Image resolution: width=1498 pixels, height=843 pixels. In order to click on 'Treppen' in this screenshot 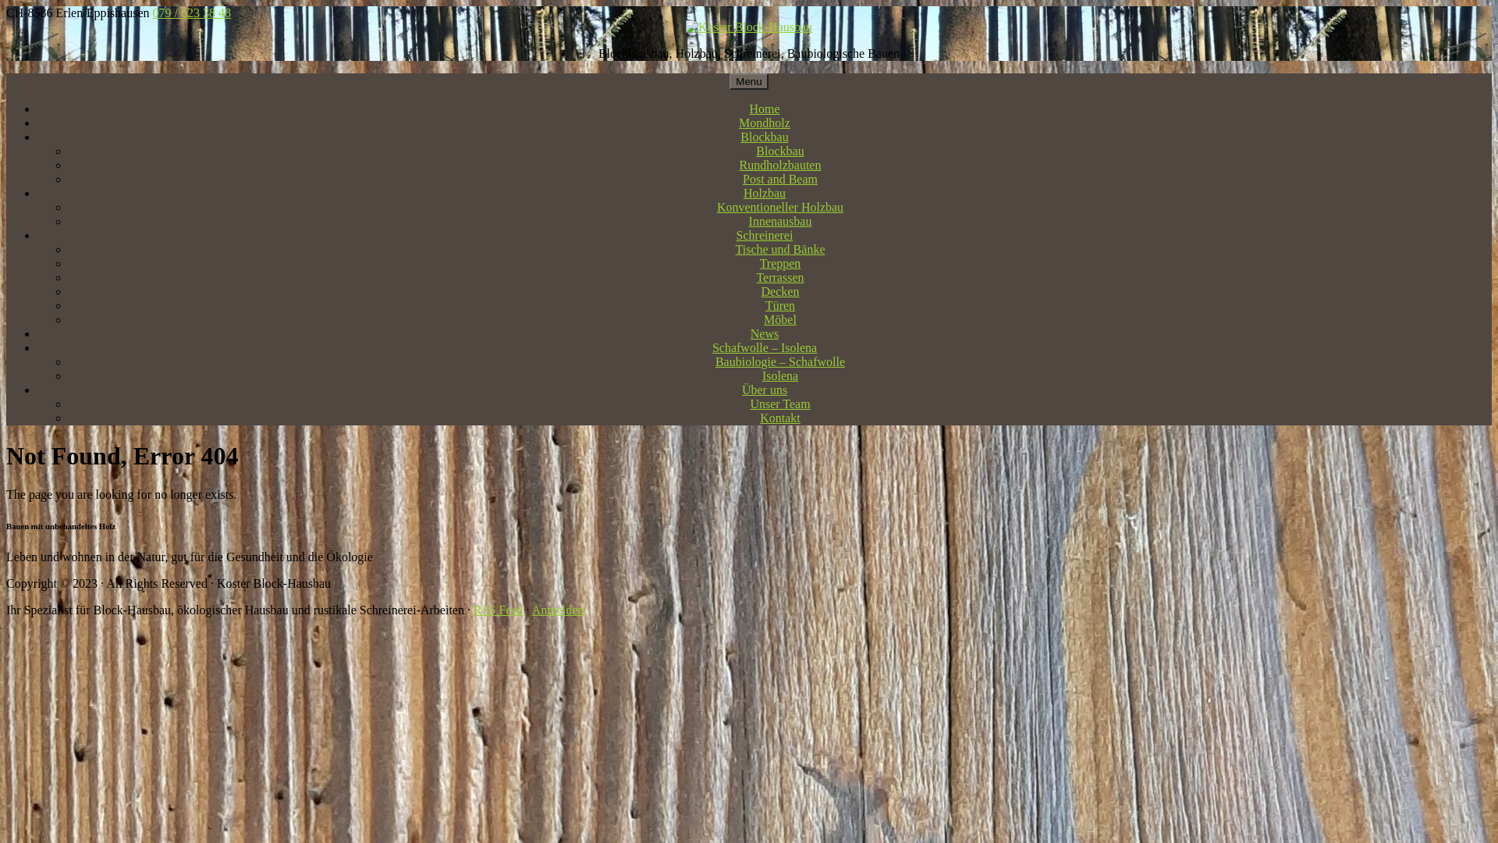, I will do `click(780, 262)`.